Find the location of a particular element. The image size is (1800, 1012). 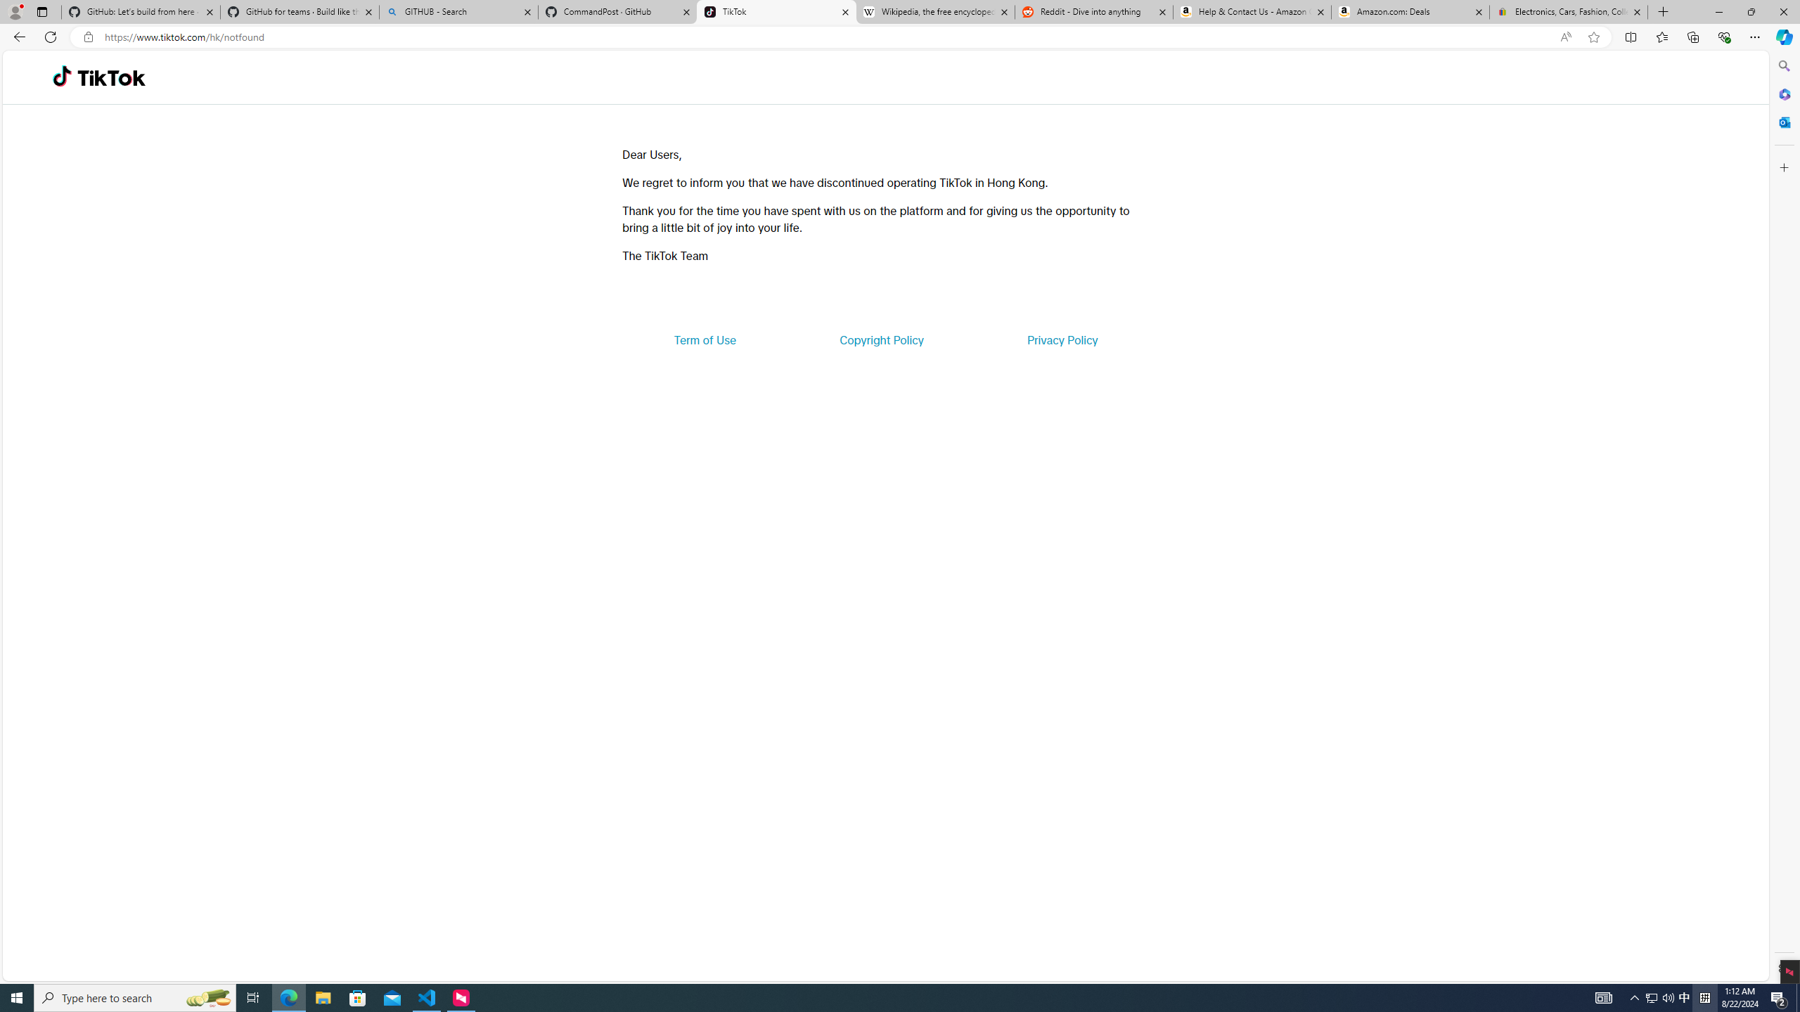

'Help & Contact Us - Amazon Customer Service' is located at coordinates (1252, 11).